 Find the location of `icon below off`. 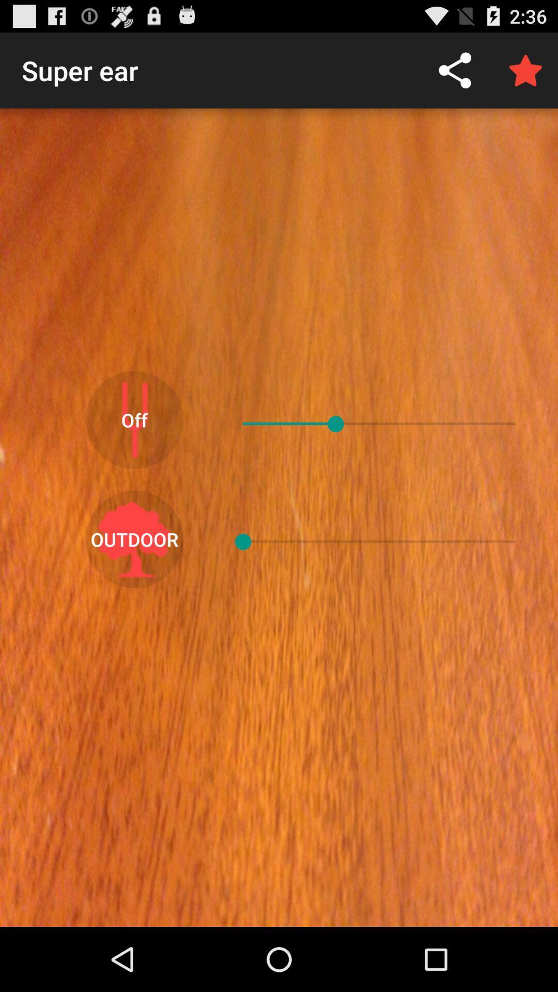

icon below off is located at coordinates (134, 539).